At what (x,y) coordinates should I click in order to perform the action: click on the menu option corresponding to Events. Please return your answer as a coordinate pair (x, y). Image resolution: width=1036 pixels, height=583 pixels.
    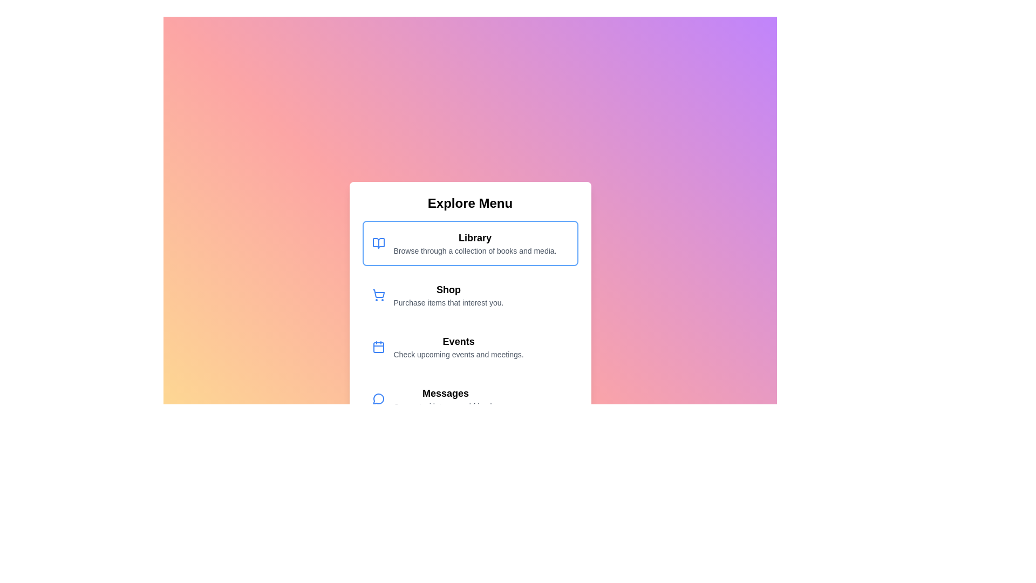
    Looking at the image, I should click on (470, 347).